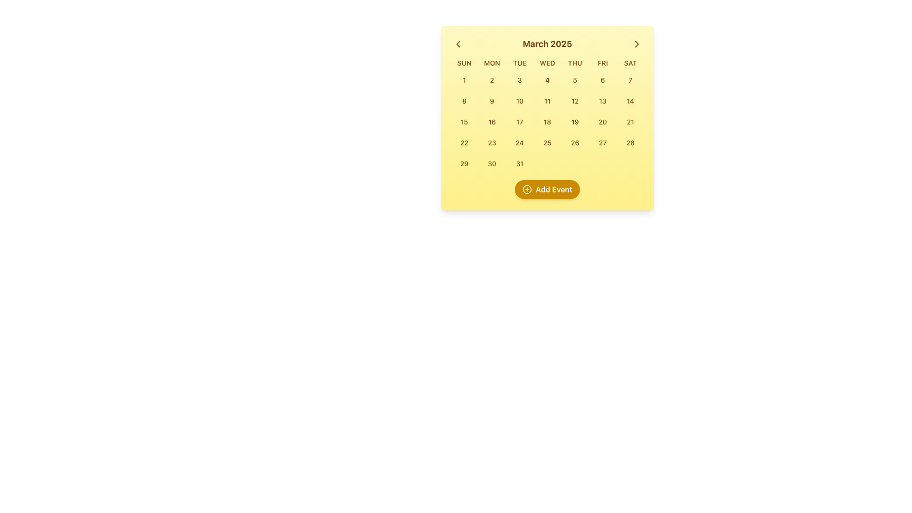 This screenshot has height=513, width=912. Describe the element at coordinates (602, 79) in the screenshot. I see `the date '6' in the March 2025 calendar, located in the first week under the 'FRI' column` at that location.